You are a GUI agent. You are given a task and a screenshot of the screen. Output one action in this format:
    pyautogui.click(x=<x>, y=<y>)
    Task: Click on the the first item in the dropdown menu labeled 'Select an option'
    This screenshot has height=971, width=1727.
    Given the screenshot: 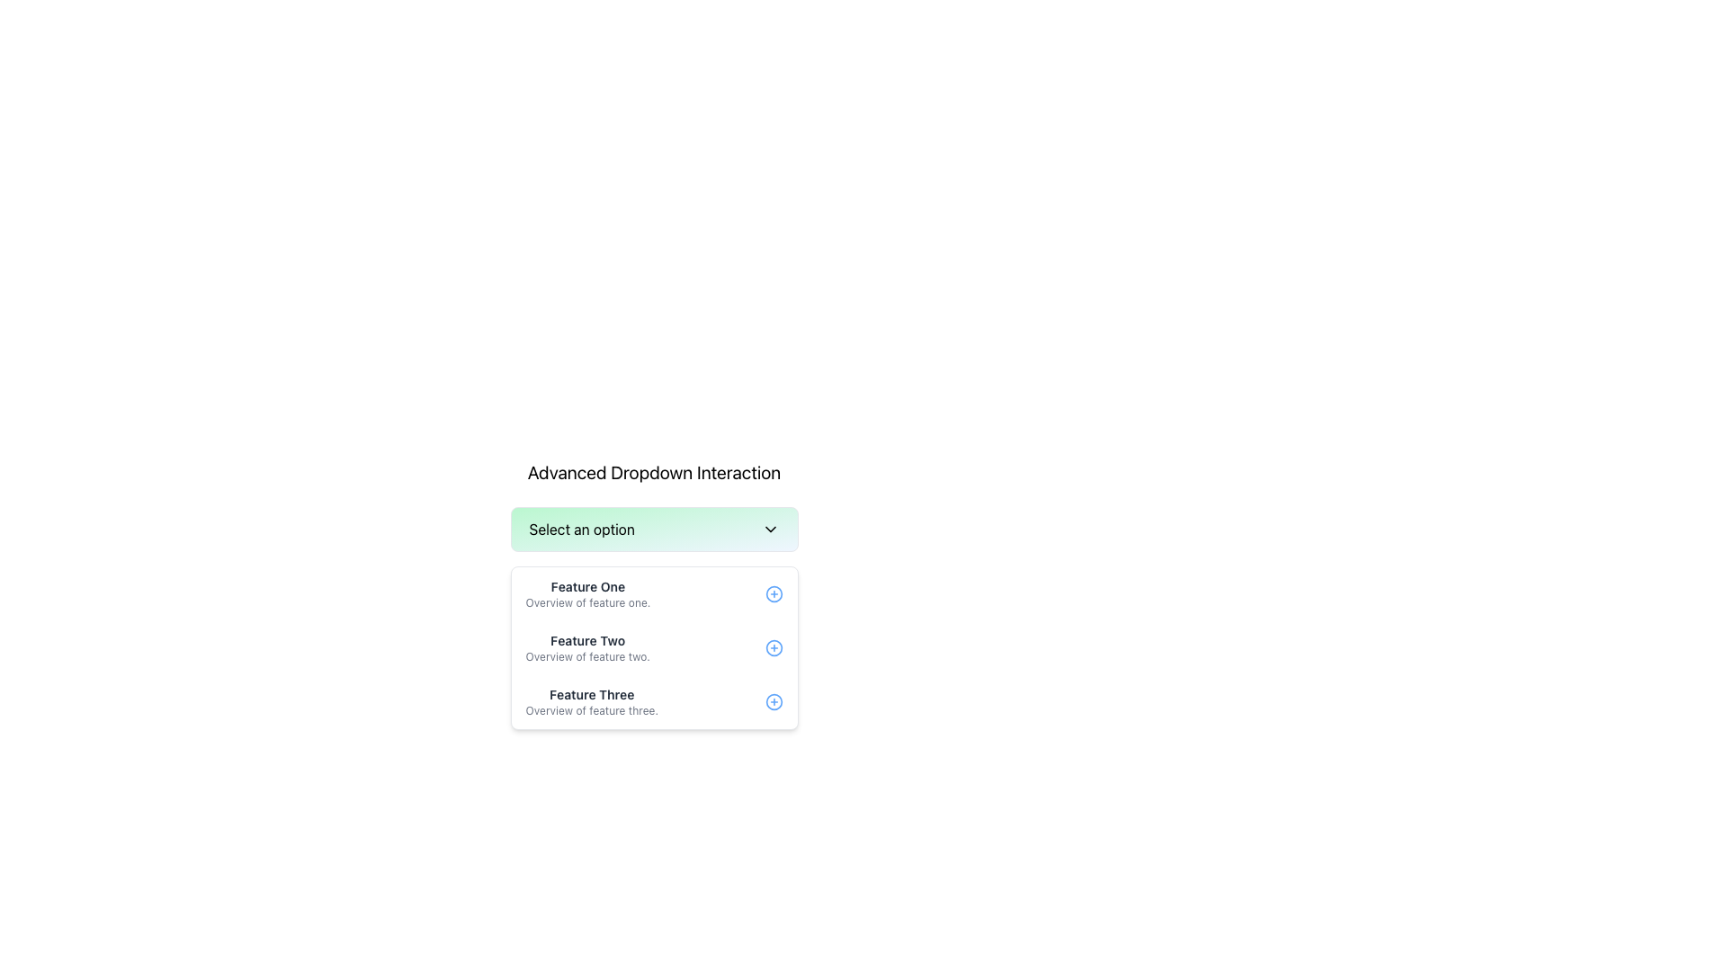 What is the action you would take?
    pyautogui.click(x=587, y=593)
    